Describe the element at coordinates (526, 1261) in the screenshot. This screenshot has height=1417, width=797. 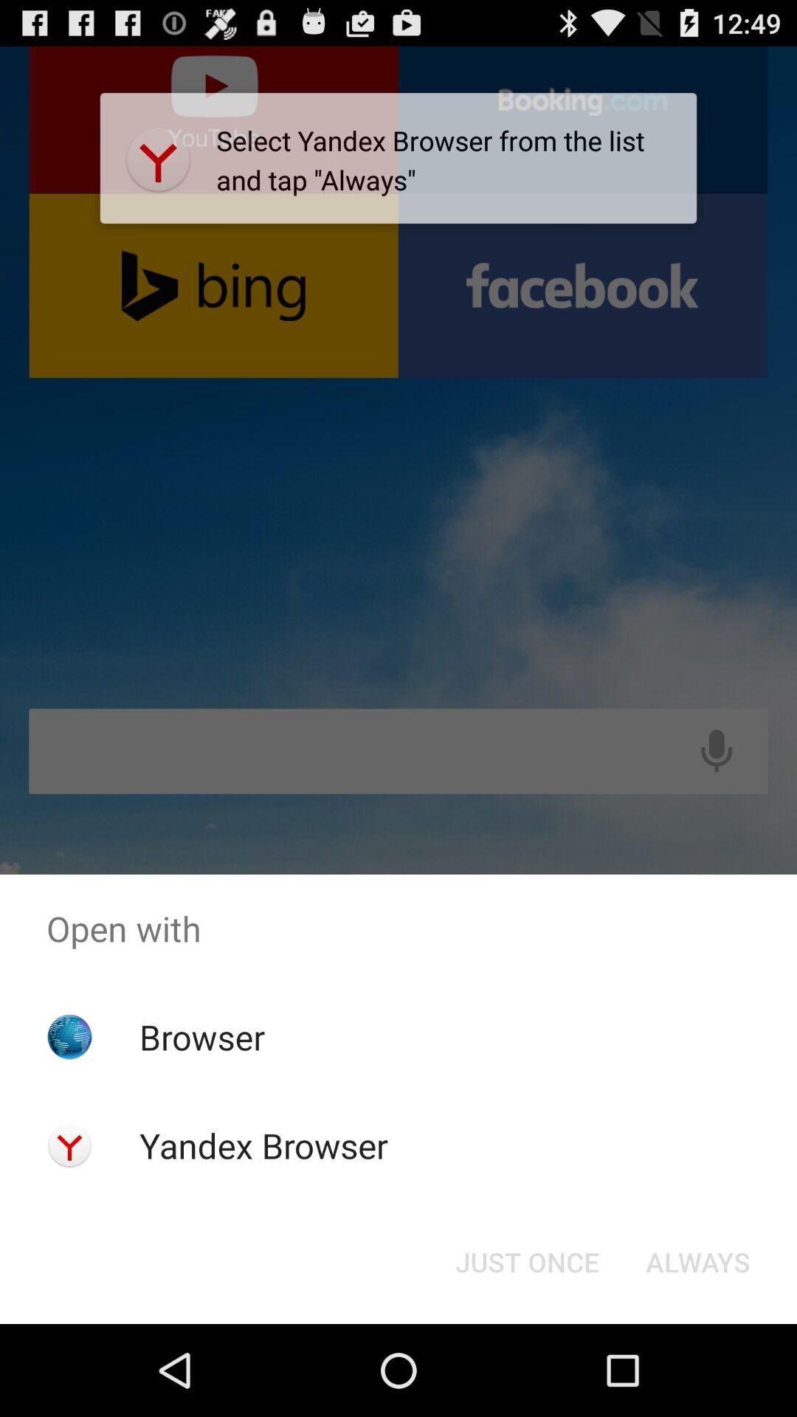
I see `the button next to always button` at that location.